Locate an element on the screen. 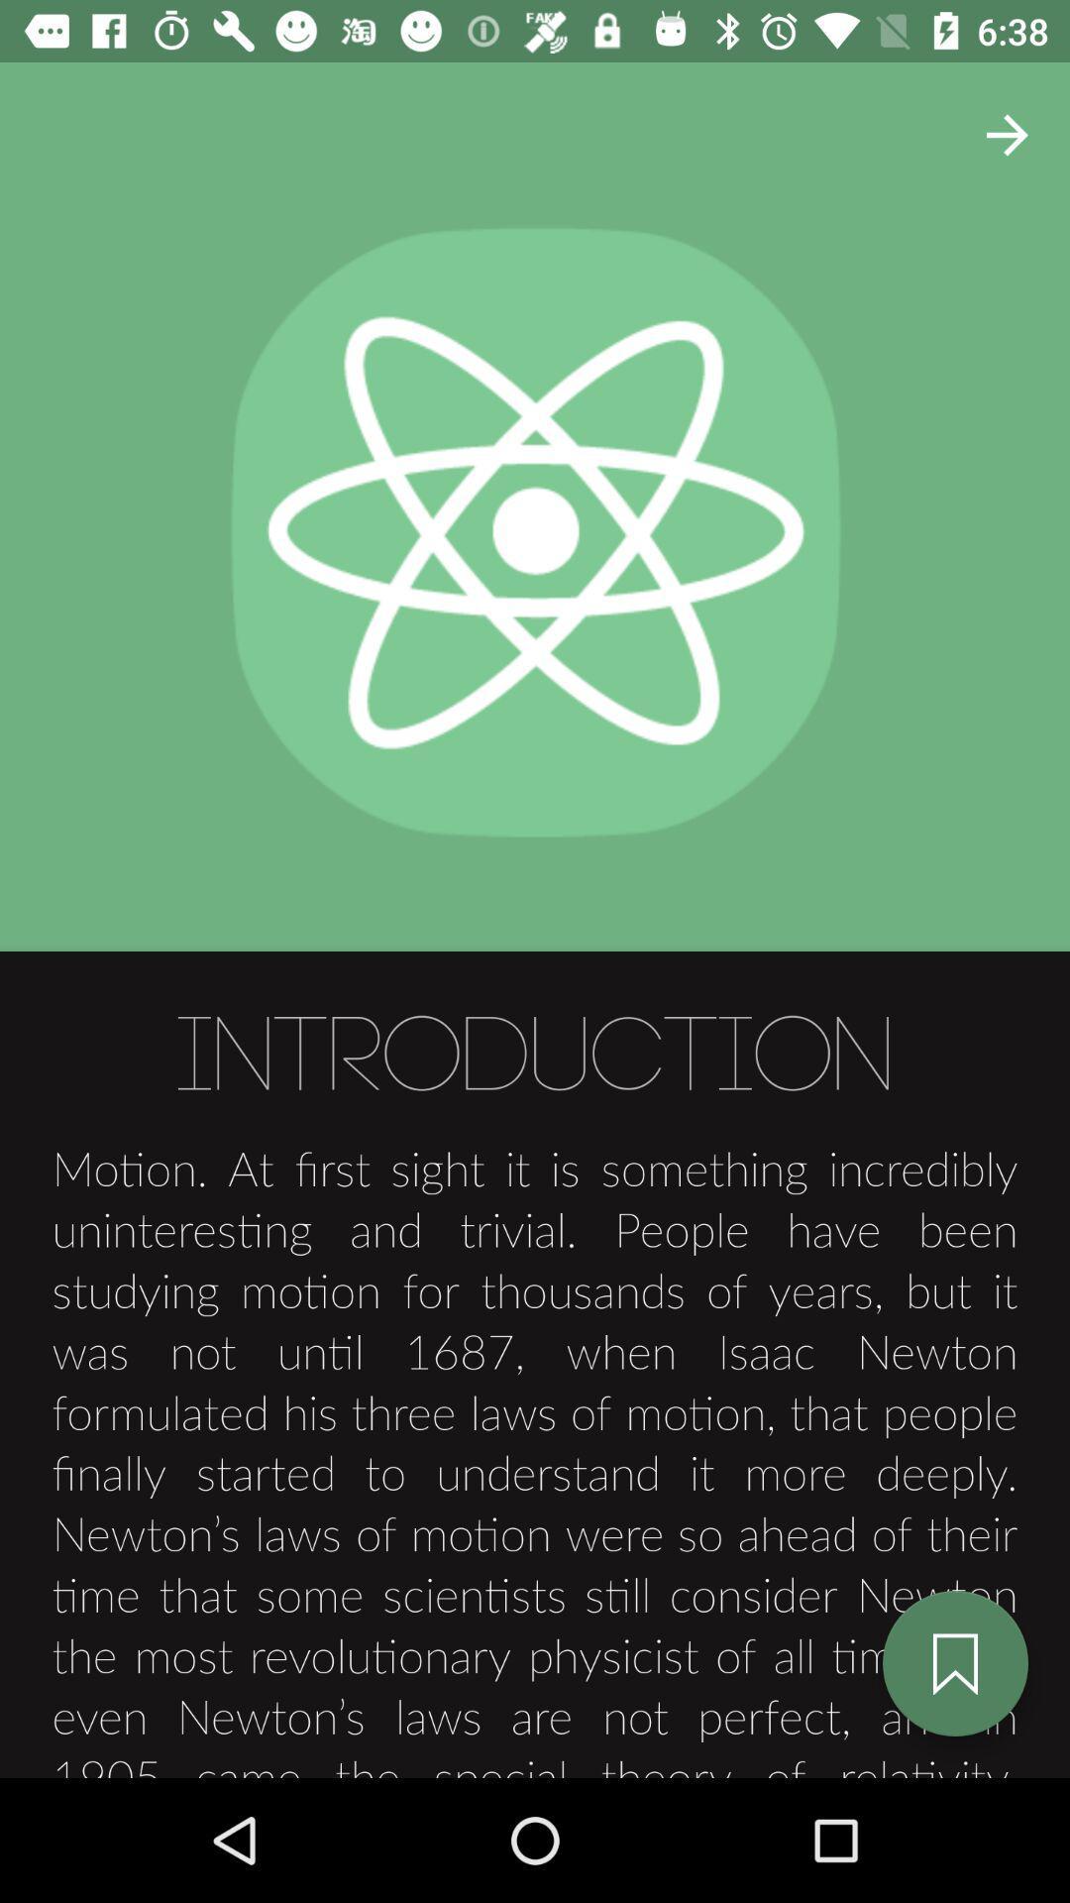 The width and height of the screenshot is (1070, 1903). the bookmark icon is located at coordinates (954, 1663).